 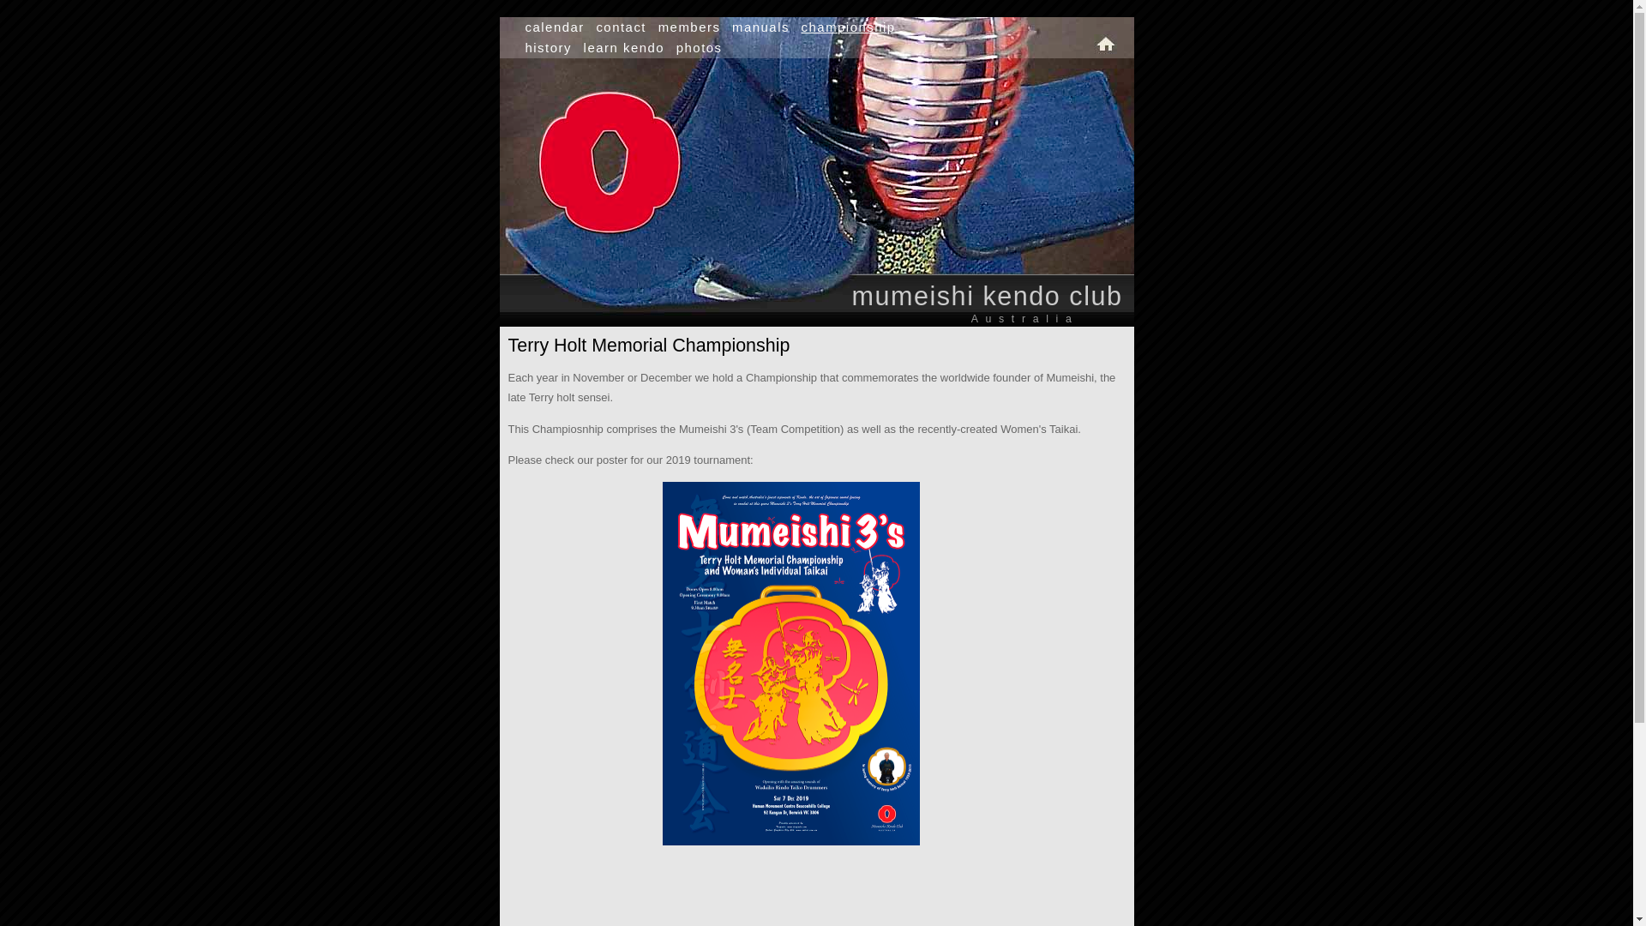 What do you see at coordinates (620, 27) in the screenshot?
I see `'contact'` at bounding box center [620, 27].